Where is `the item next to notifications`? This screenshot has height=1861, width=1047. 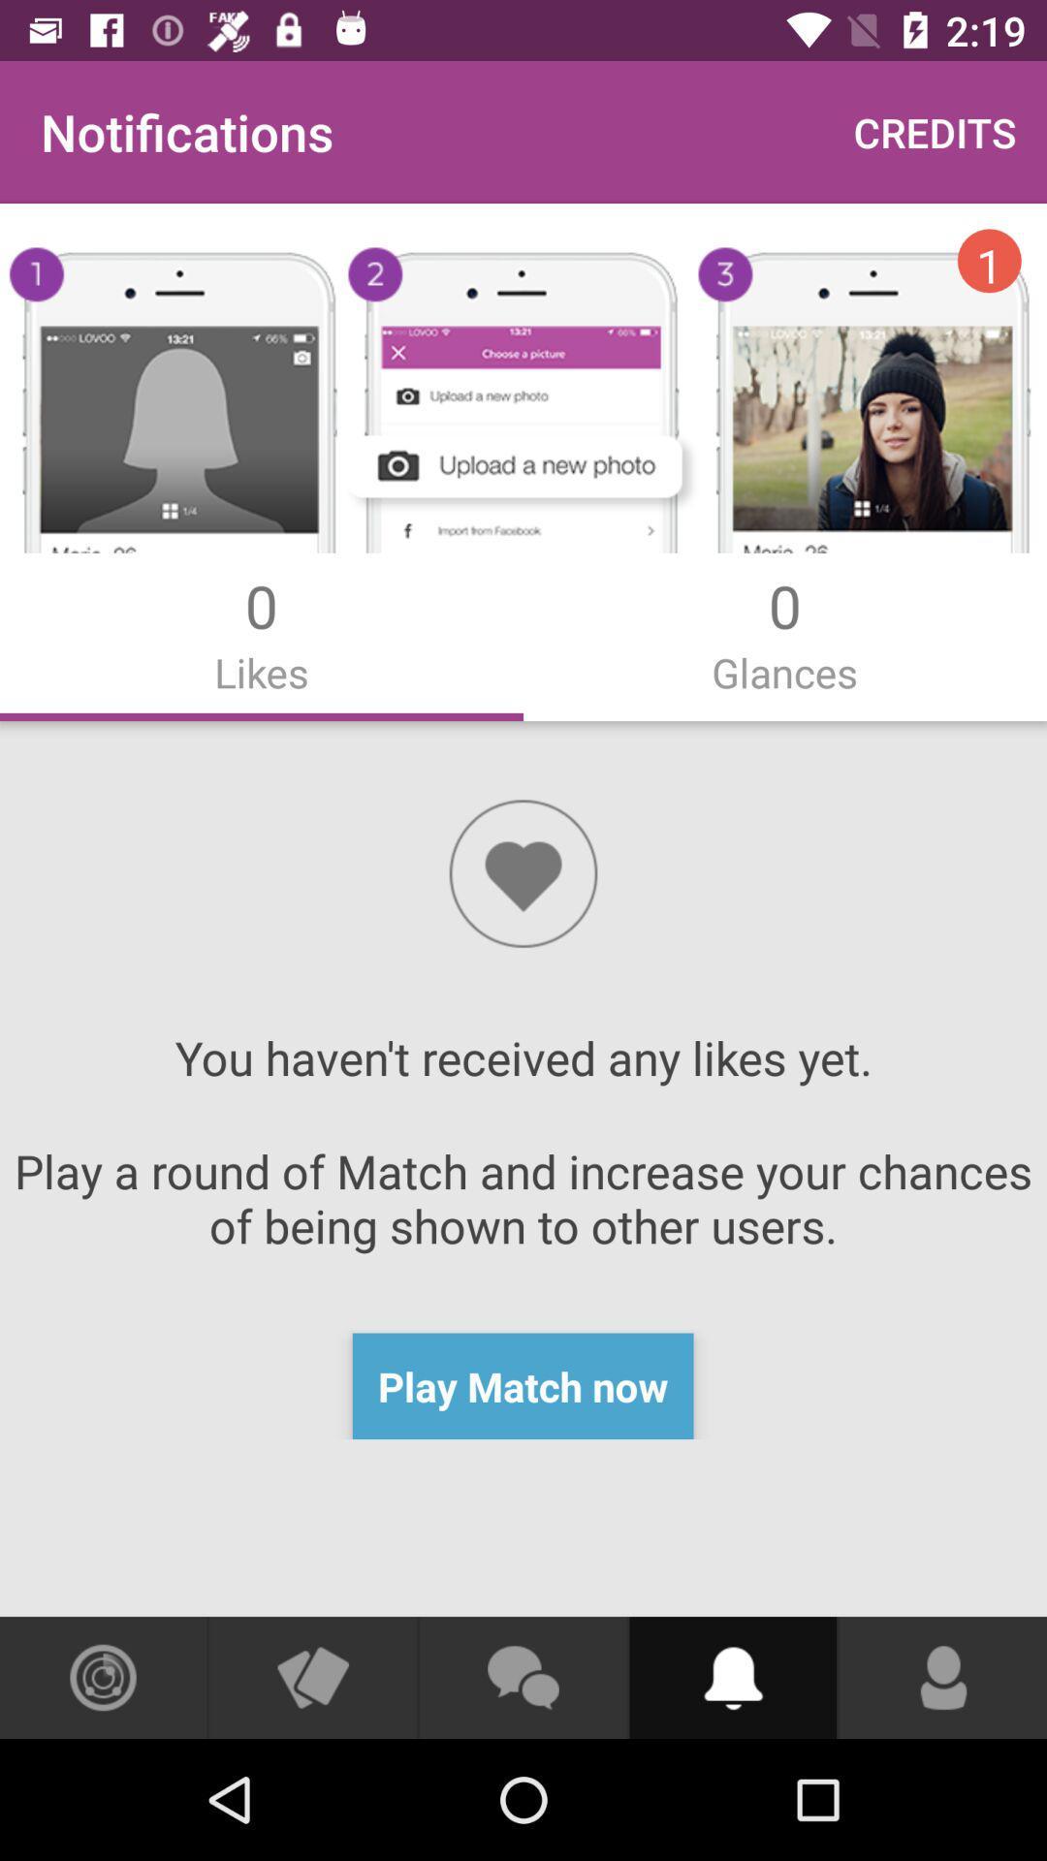 the item next to notifications is located at coordinates (934, 131).